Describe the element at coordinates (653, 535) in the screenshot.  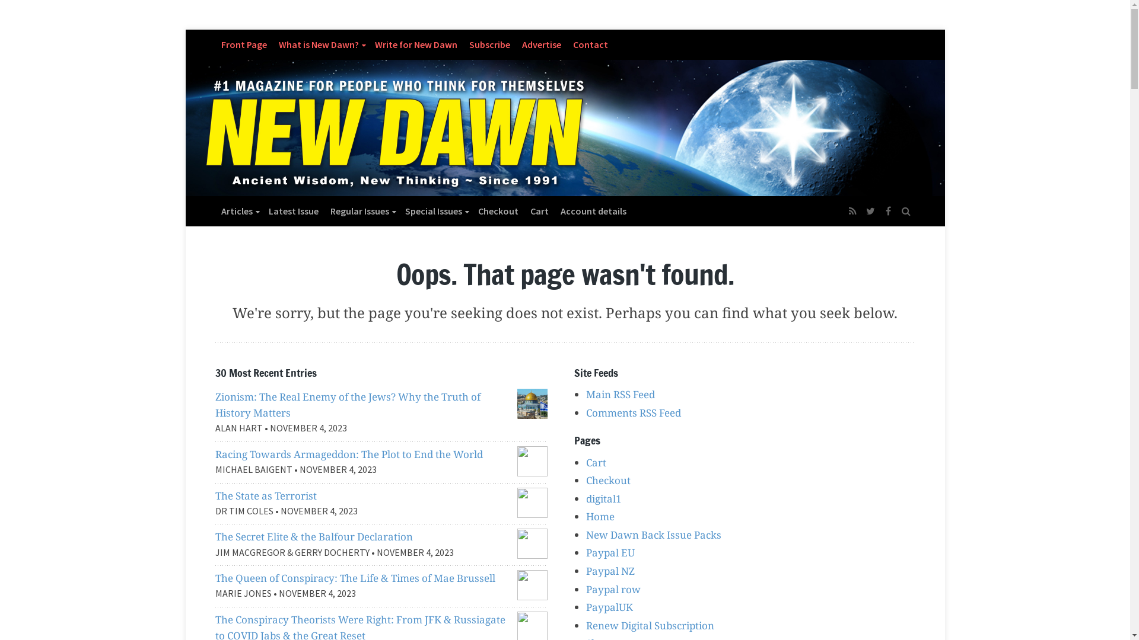
I see `'New Dawn Back Issue Packs'` at that location.